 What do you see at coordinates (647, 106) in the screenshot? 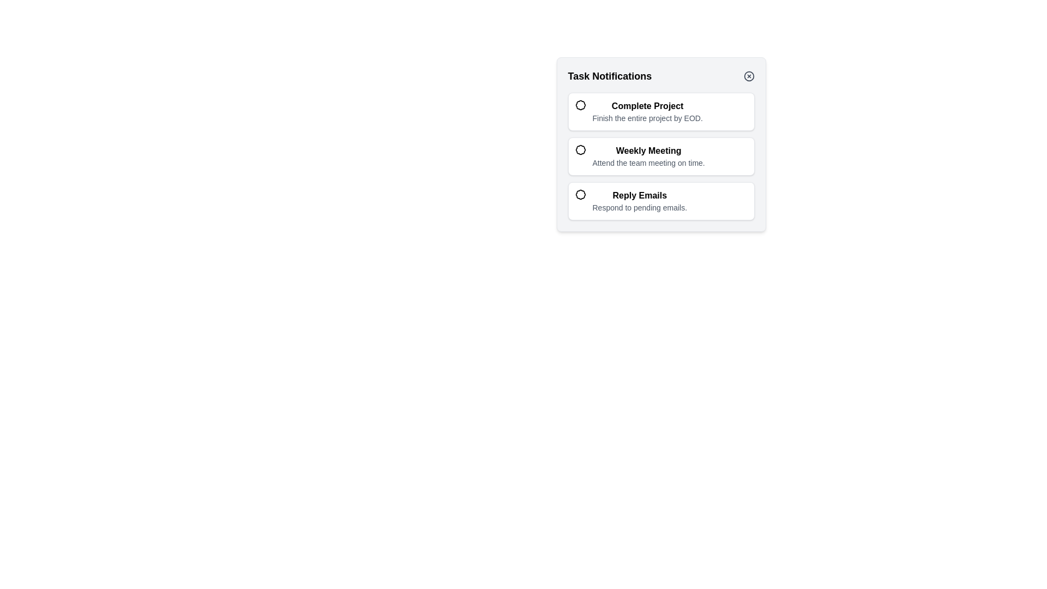
I see `the text label displaying 'Complete Project', which is styled in bold and positioned at the top of the task card in the task notifications section` at bounding box center [647, 106].